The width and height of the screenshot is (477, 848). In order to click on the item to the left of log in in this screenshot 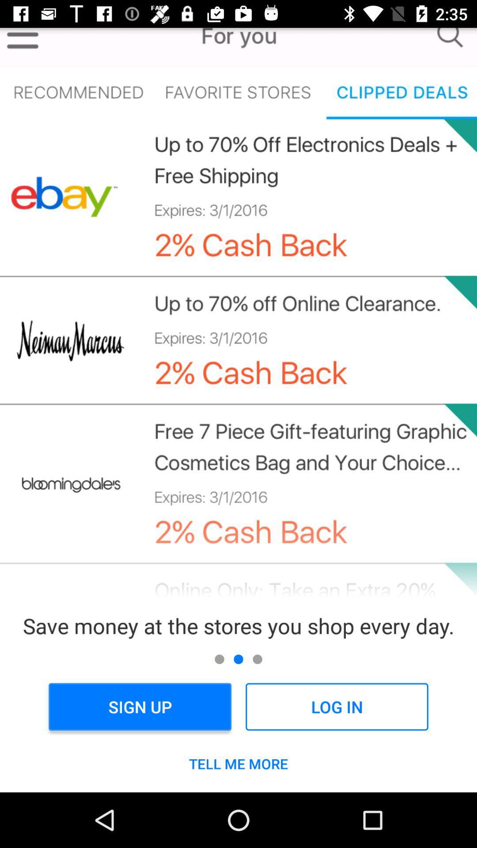, I will do `click(140, 707)`.